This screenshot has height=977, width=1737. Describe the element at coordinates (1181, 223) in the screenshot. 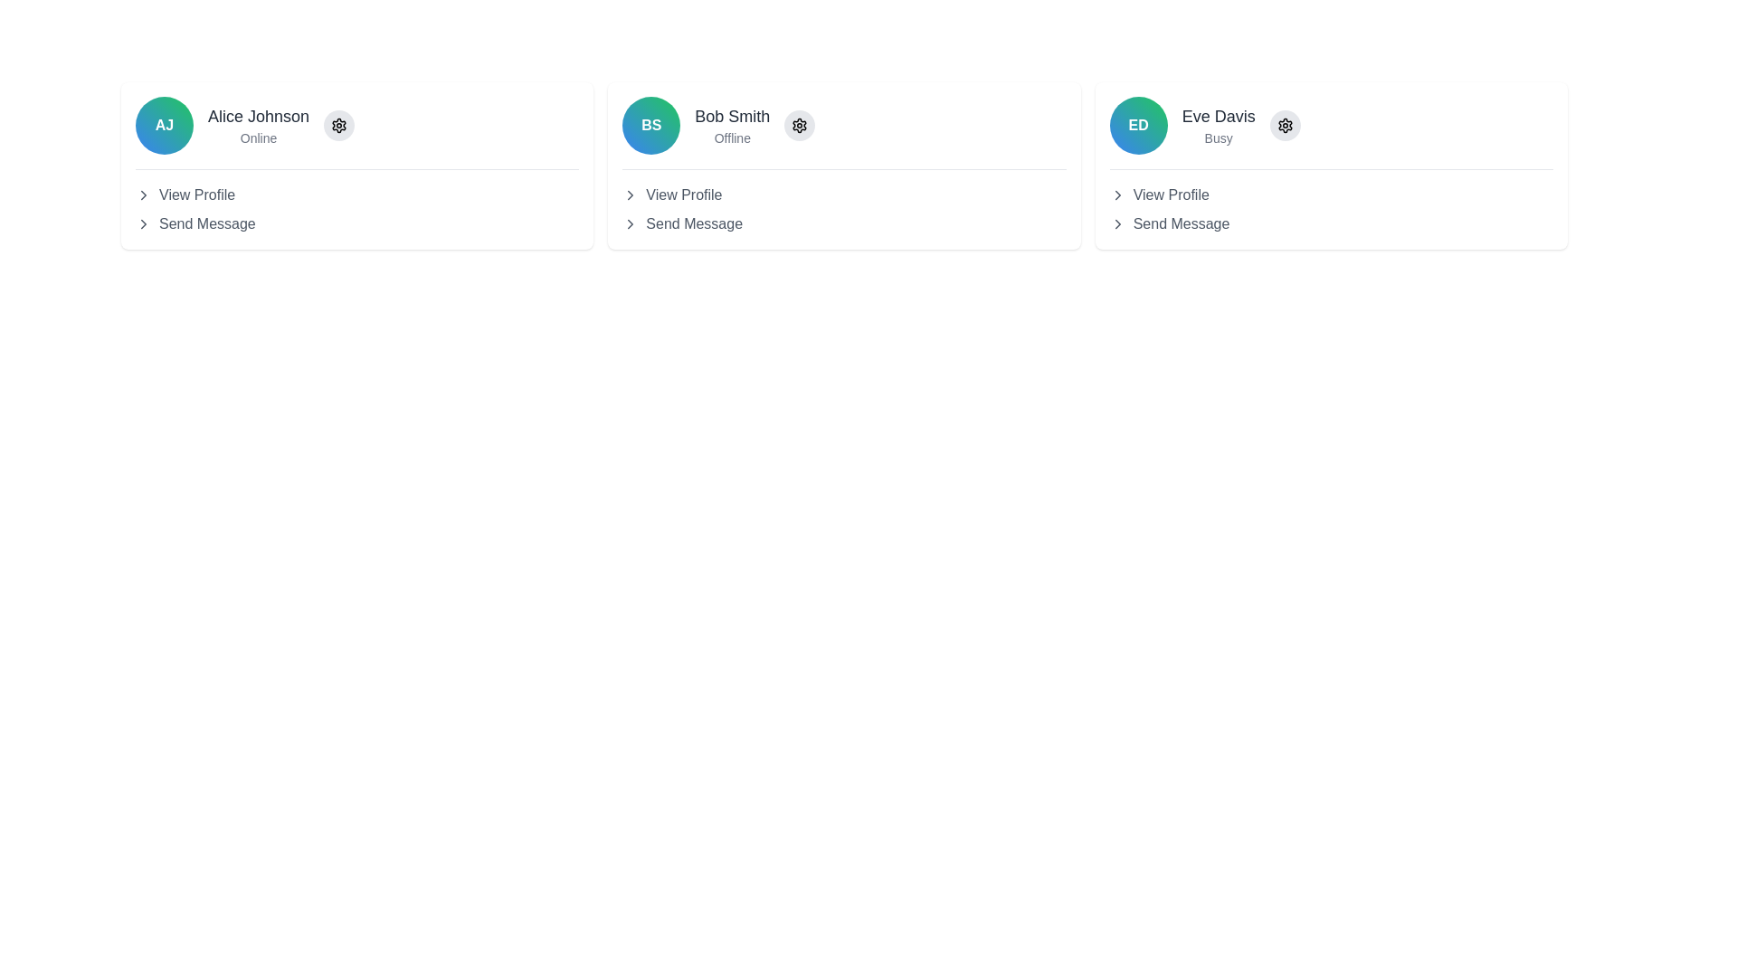

I see `the 'Send Message' text label located under the 'View Profile' option in the card of 'Eve Davis'` at that location.